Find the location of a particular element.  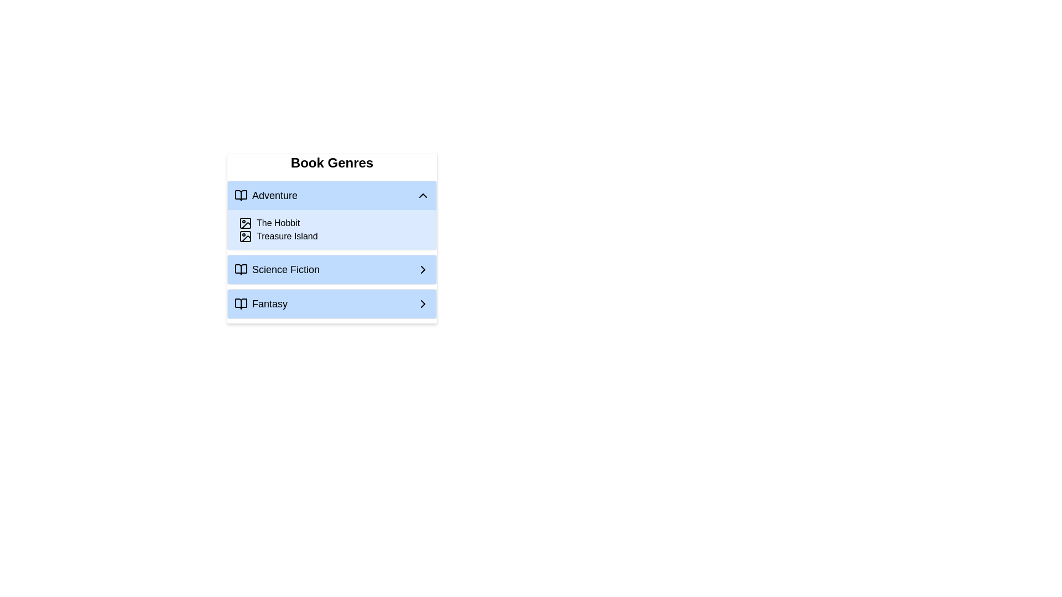

the list item labeled 'Science Fiction' is located at coordinates (277, 270).